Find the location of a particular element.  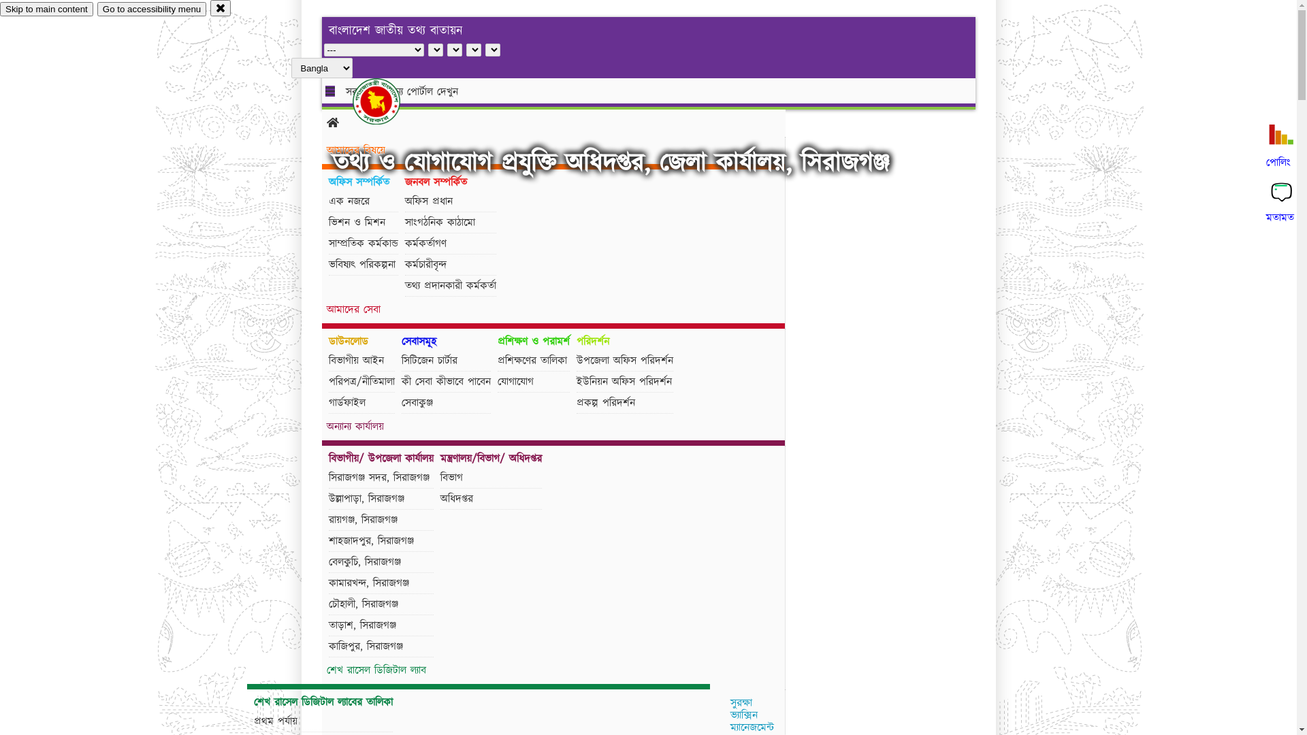

'close' is located at coordinates (209, 7).